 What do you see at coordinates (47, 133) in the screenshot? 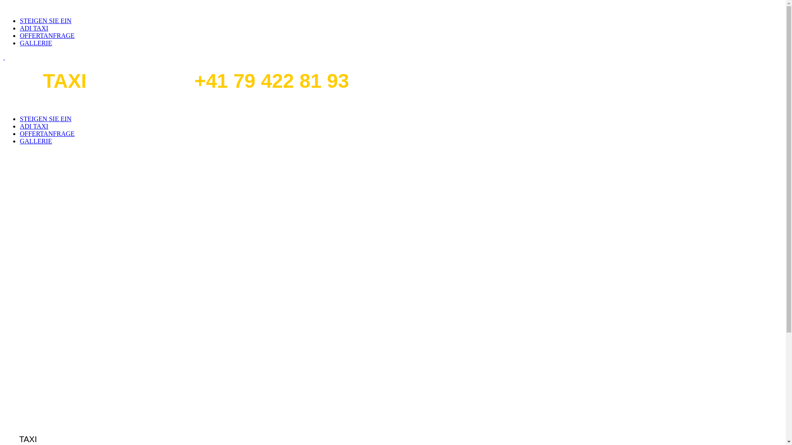
I see `'OFFERTANFRAGE'` at bounding box center [47, 133].